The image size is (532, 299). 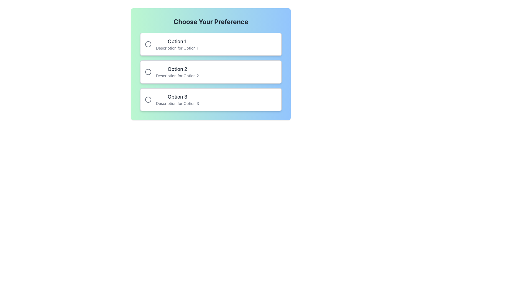 What do you see at coordinates (172, 71) in the screenshot?
I see `the text block titled 'Option 2' in the second selectable option card` at bounding box center [172, 71].